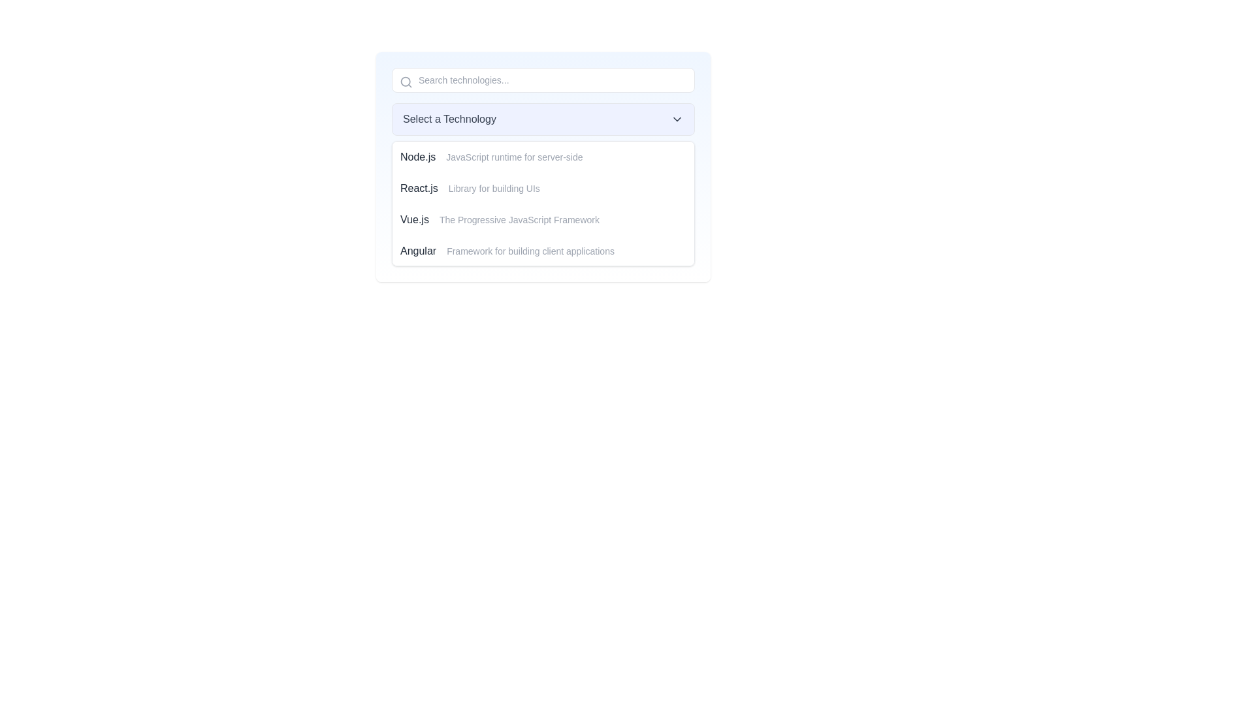  Describe the element at coordinates (418, 251) in the screenshot. I see `the 'Angular' text label` at that location.